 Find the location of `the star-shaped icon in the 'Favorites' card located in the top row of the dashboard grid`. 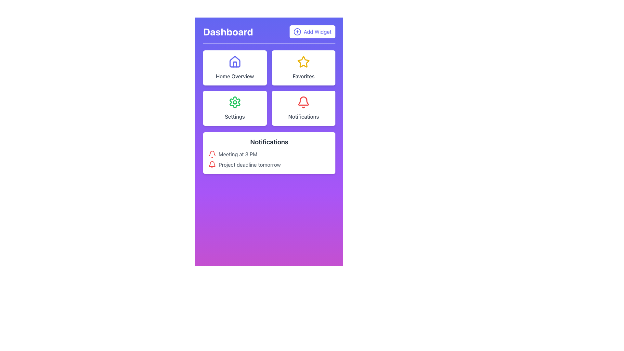

the star-shaped icon in the 'Favorites' card located in the top row of the dashboard grid is located at coordinates (303, 62).